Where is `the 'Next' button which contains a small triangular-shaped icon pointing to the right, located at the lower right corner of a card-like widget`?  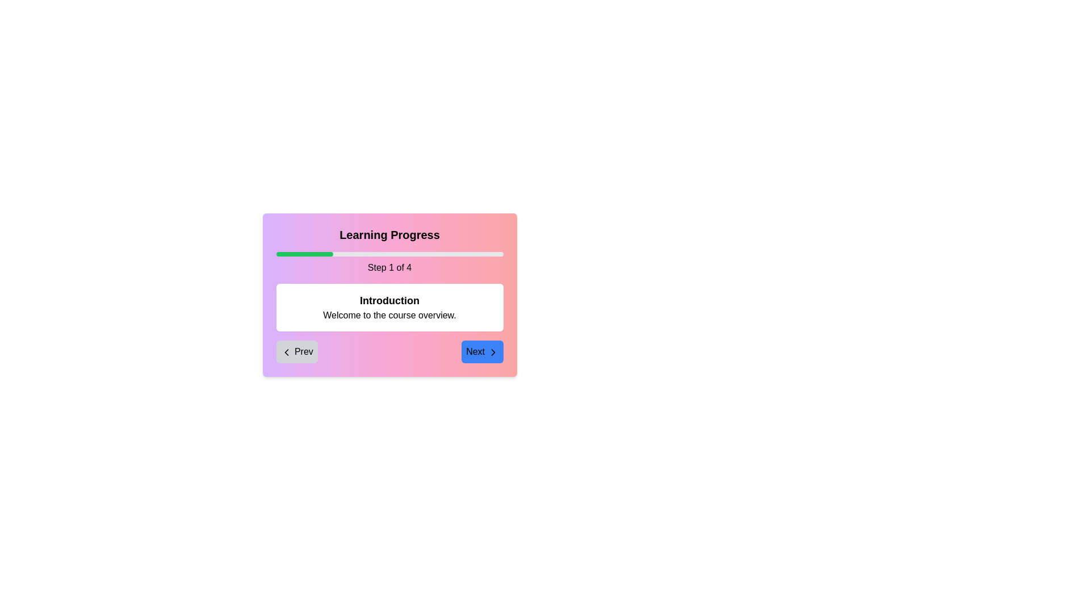
the 'Next' button which contains a small triangular-shaped icon pointing to the right, located at the lower right corner of a card-like widget is located at coordinates (493, 351).